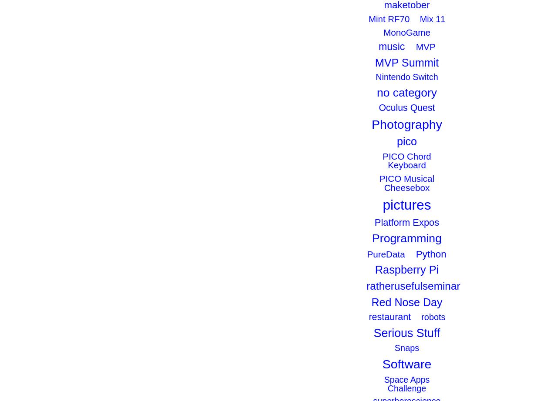  What do you see at coordinates (406, 107) in the screenshot?
I see `'Oculus Quest'` at bounding box center [406, 107].